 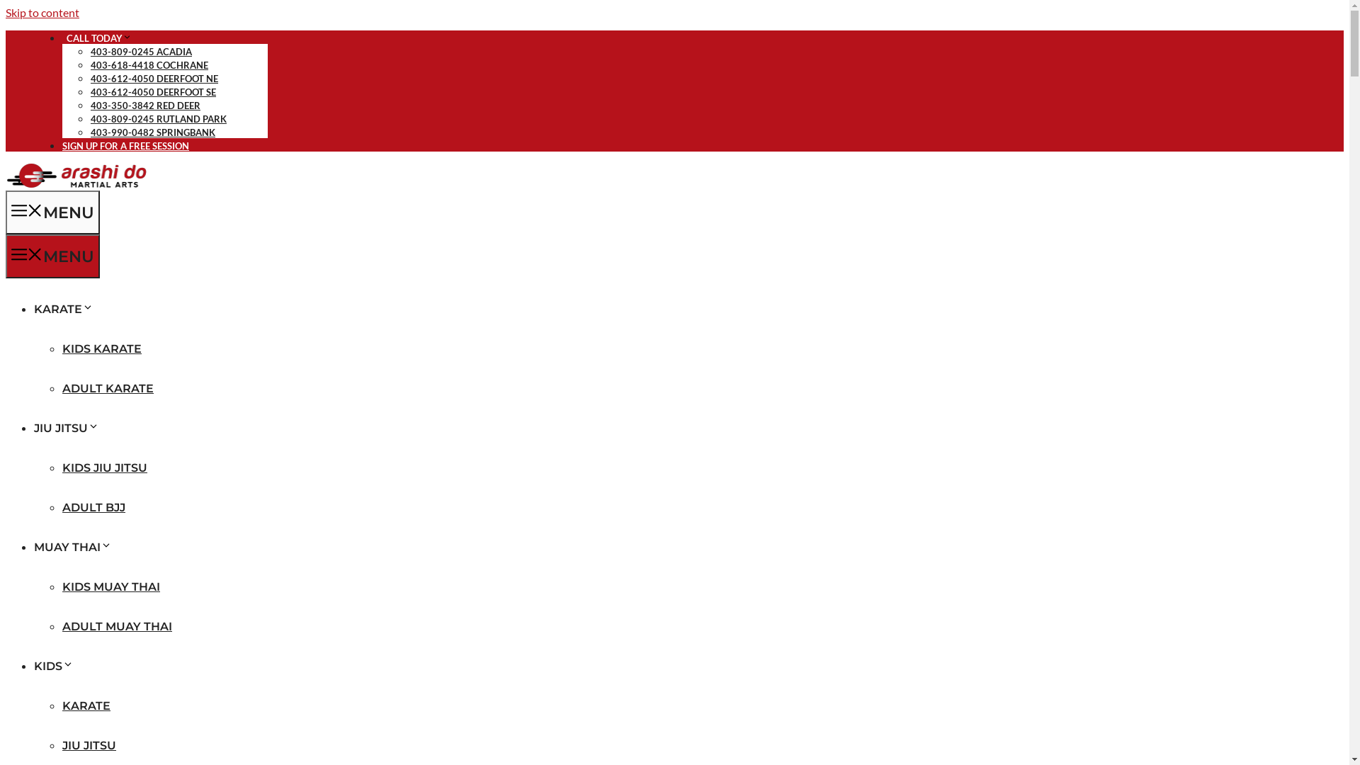 I want to click on 'MENU', so click(x=52, y=256).